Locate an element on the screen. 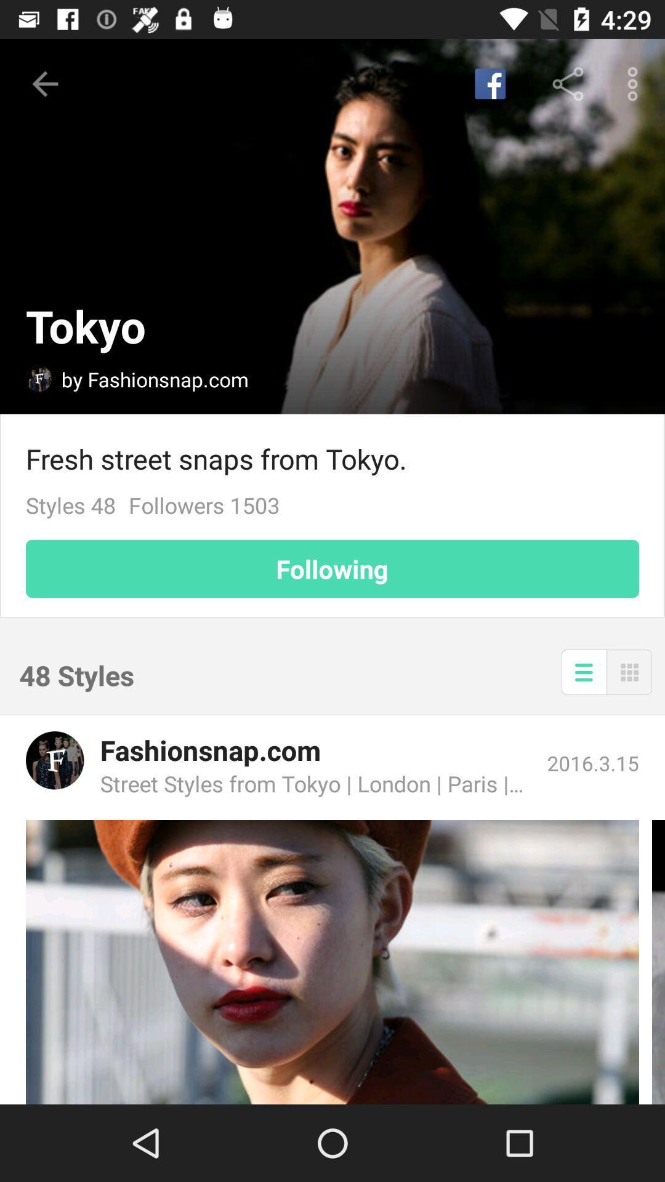 This screenshot has height=1182, width=665. the following is located at coordinates (332, 568).